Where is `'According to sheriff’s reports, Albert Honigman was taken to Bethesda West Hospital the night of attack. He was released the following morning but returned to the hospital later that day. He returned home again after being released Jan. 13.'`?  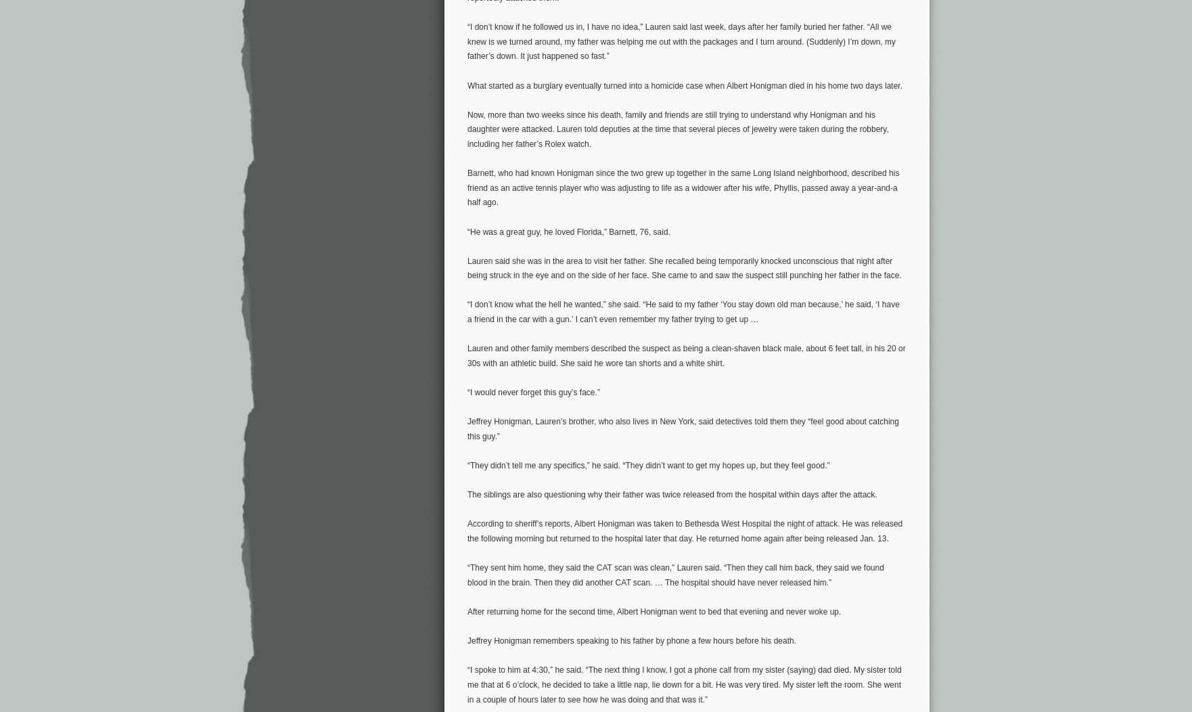 'According to sheriff’s reports, Albert Honigman was taken to Bethesda West Hospital the night of attack. He was released the following morning but returned to the hospital later that day. He returned home again after being released Jan. 13.' is located at coordinates (685, 530).